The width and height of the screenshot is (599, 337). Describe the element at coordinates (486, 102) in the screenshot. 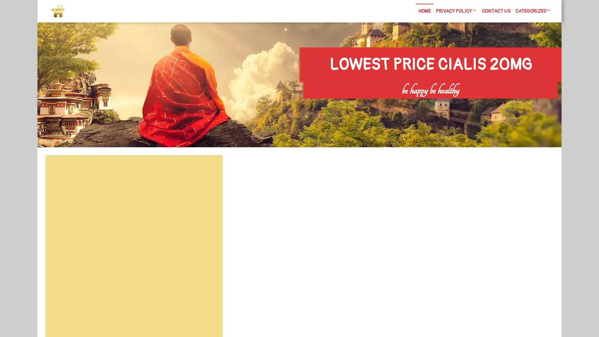

I see `Search` at that location.